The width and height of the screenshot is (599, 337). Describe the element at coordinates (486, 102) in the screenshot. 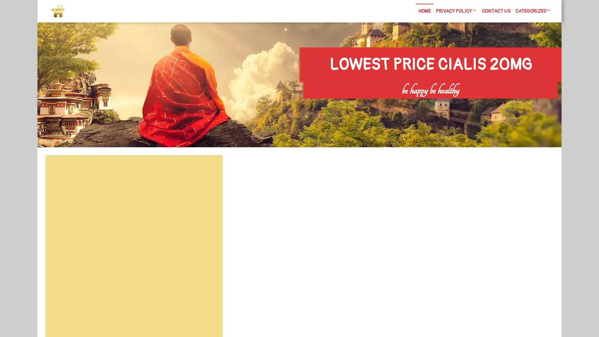

I see `Search` at that location.